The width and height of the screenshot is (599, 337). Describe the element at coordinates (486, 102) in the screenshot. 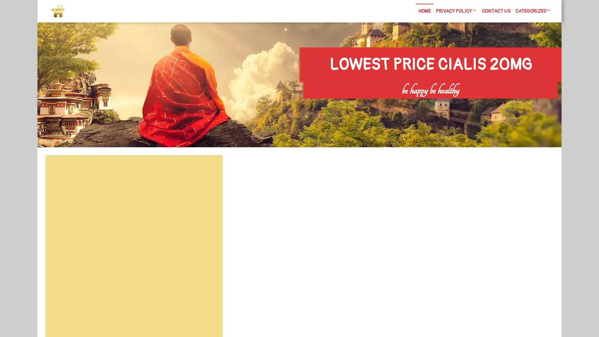

I see `Search` at that location.